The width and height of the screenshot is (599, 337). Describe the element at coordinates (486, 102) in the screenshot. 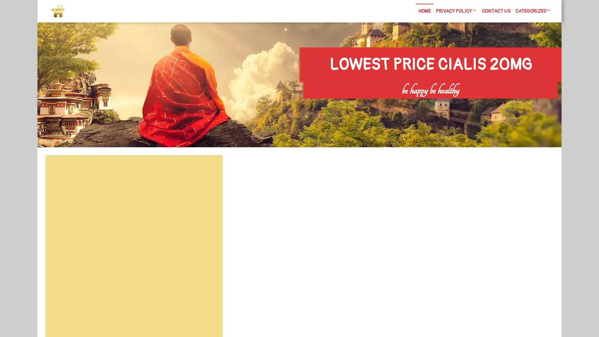

I see `Search` at that location.